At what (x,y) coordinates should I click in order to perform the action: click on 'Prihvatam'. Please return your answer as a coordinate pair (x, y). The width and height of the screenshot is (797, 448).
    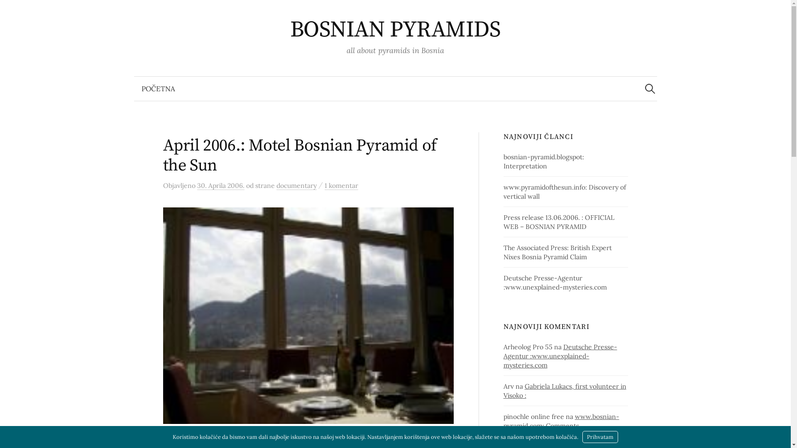
    Looking at the image, I should click on (600, 436).